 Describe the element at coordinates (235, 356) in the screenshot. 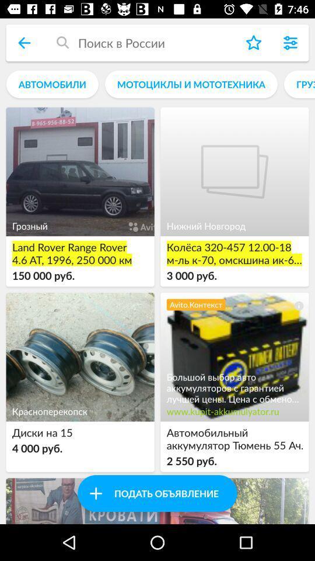

I see `the first right image from bottom` at that location.